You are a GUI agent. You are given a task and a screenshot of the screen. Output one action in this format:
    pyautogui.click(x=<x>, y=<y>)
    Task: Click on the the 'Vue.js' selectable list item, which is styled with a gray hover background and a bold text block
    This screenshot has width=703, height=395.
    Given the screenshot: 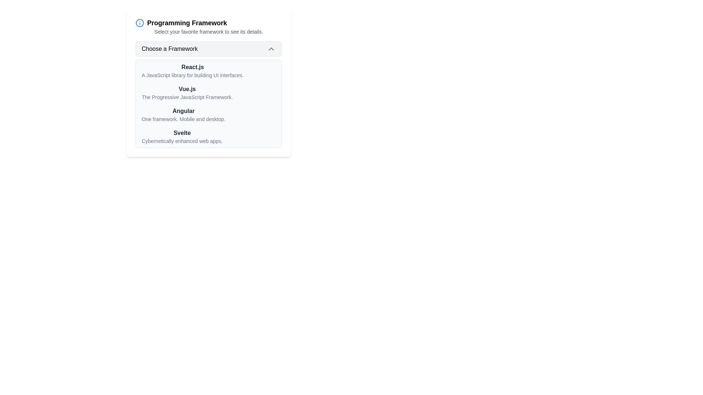 What is the action you would take?
    pyautogui.click(x=208, y=93)
    